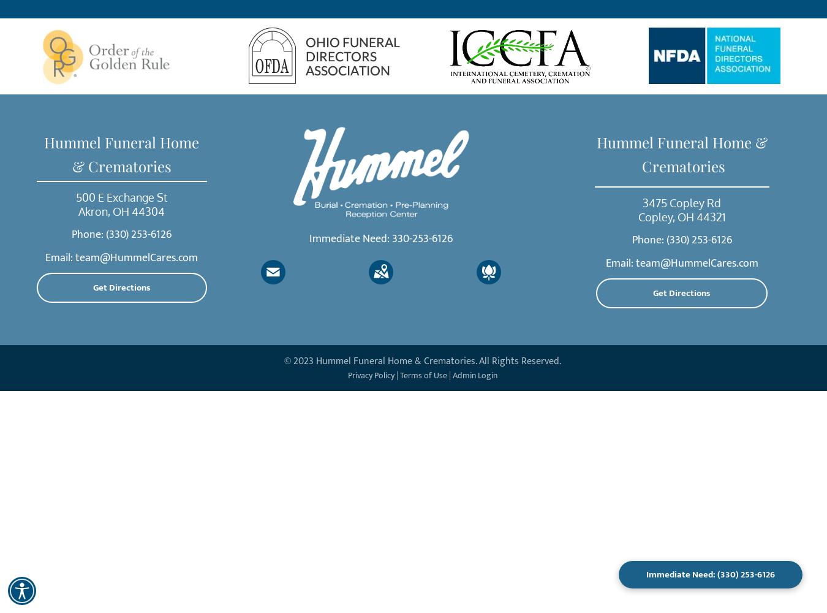 The image size is (827, 613). What do you see at coordinates (474, 375) in the screenshot?
I see `'Admin Login'` at bounding box center [474, 375].